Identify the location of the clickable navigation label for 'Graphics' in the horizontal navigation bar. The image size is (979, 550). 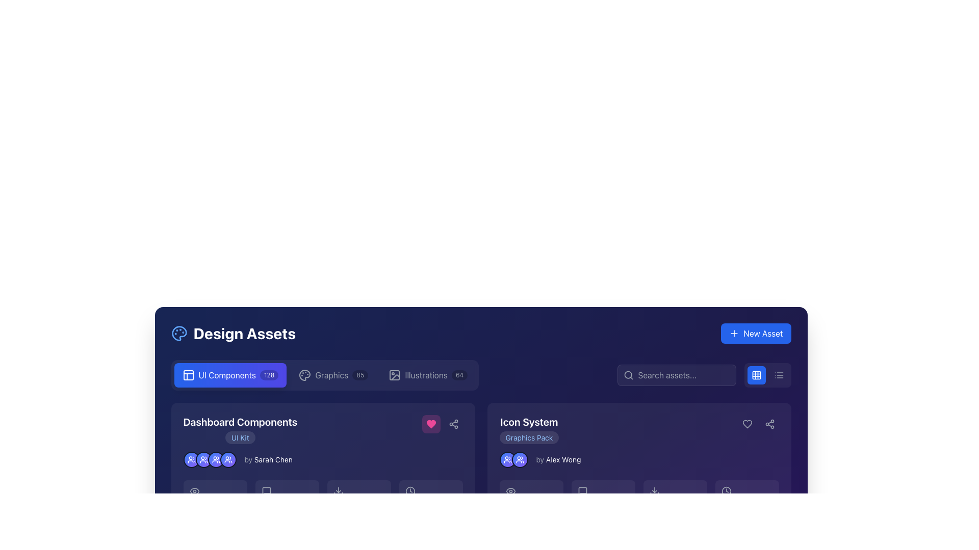
(331, 375).